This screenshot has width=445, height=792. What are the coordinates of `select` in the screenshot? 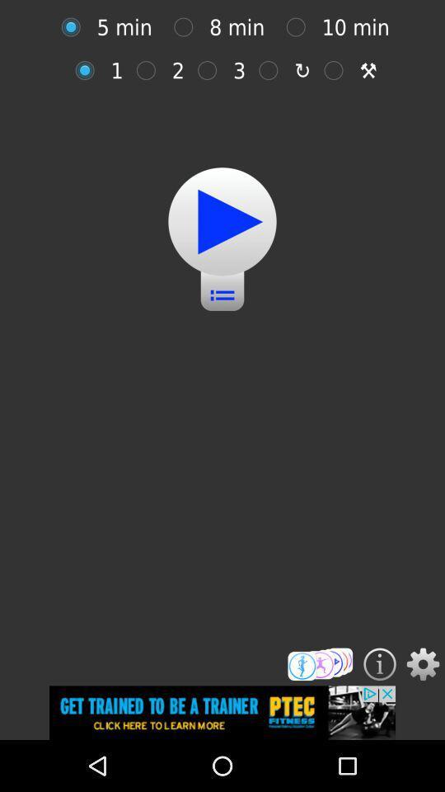 It's located at (337, 70).